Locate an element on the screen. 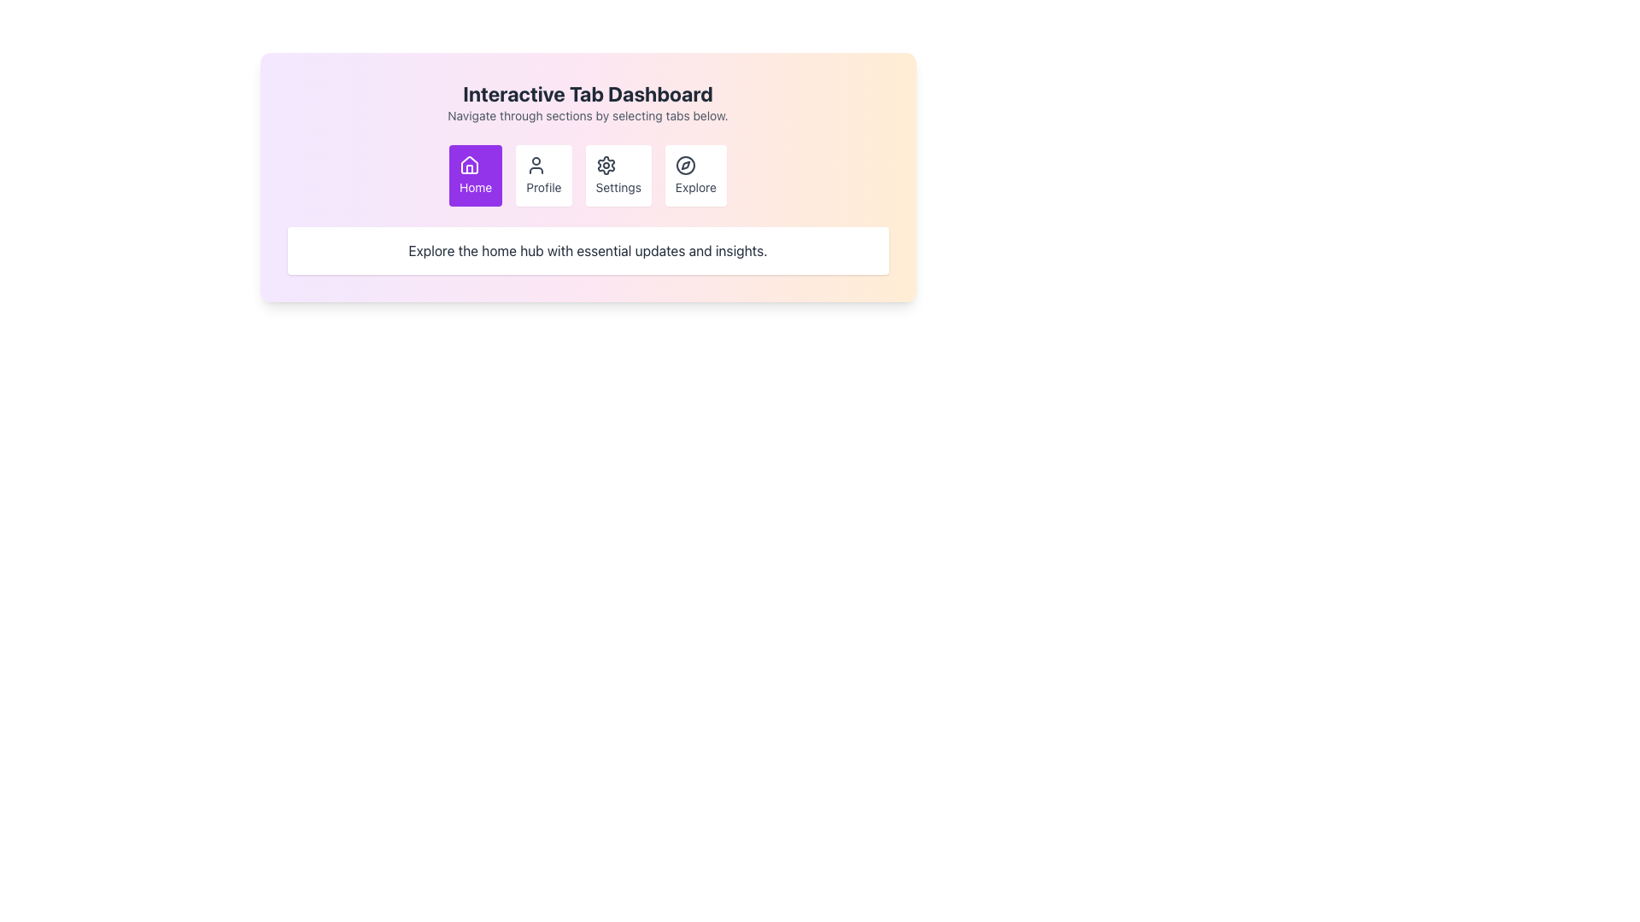  the text label containing the description 'Navigate through sections by selecting tabs below.' which is located directly under the title 'Interactive Tab Dashboard' is located at coordinates (588, 115).